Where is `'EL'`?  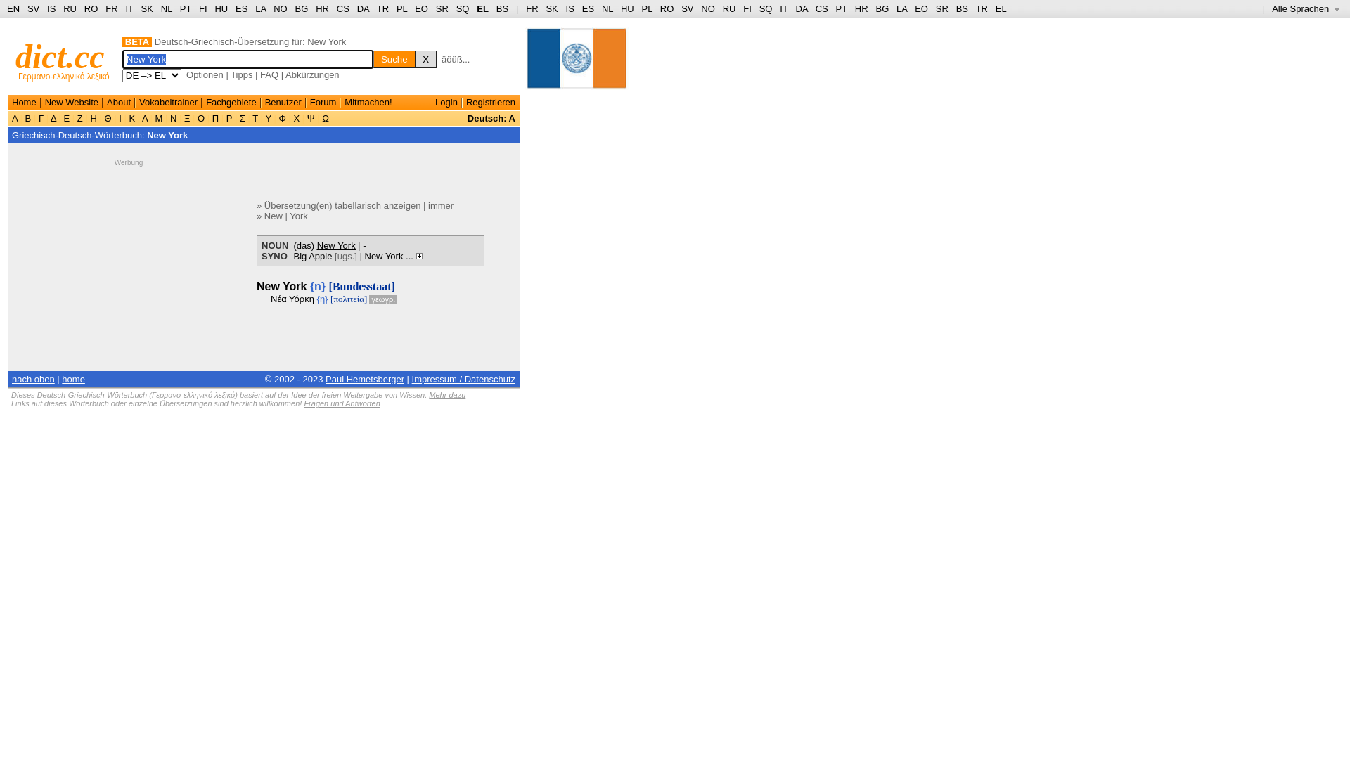
'EL' is located at coordinates (482, 8).